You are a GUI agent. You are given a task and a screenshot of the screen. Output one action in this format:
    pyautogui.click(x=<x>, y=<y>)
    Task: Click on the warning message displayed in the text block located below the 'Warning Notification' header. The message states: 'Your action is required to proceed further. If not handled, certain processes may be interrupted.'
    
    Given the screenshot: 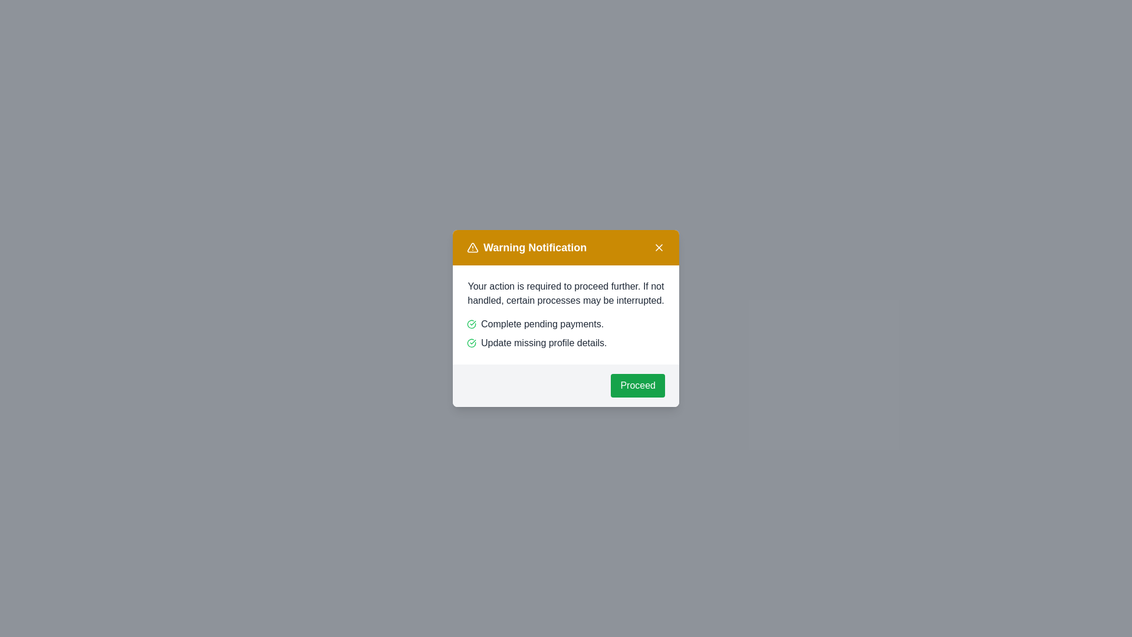 What is the action you would take?
    pyautogui.click(x=566, y=293)
    